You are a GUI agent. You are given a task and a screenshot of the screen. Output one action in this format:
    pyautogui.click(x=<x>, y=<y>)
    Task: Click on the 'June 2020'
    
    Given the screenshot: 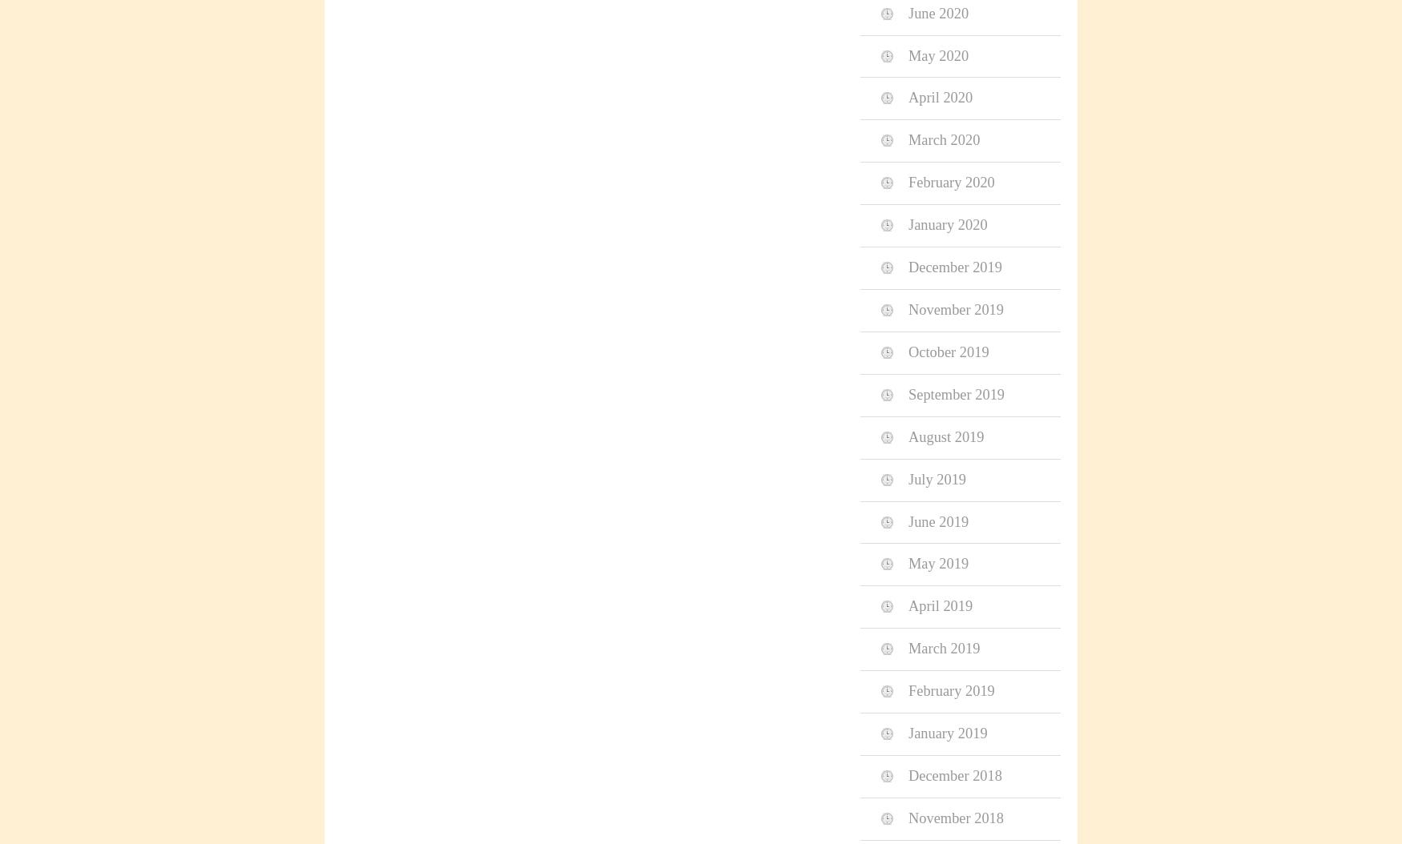 What is the action you would take?
    pyautogui.click(x=937, y=13)
    